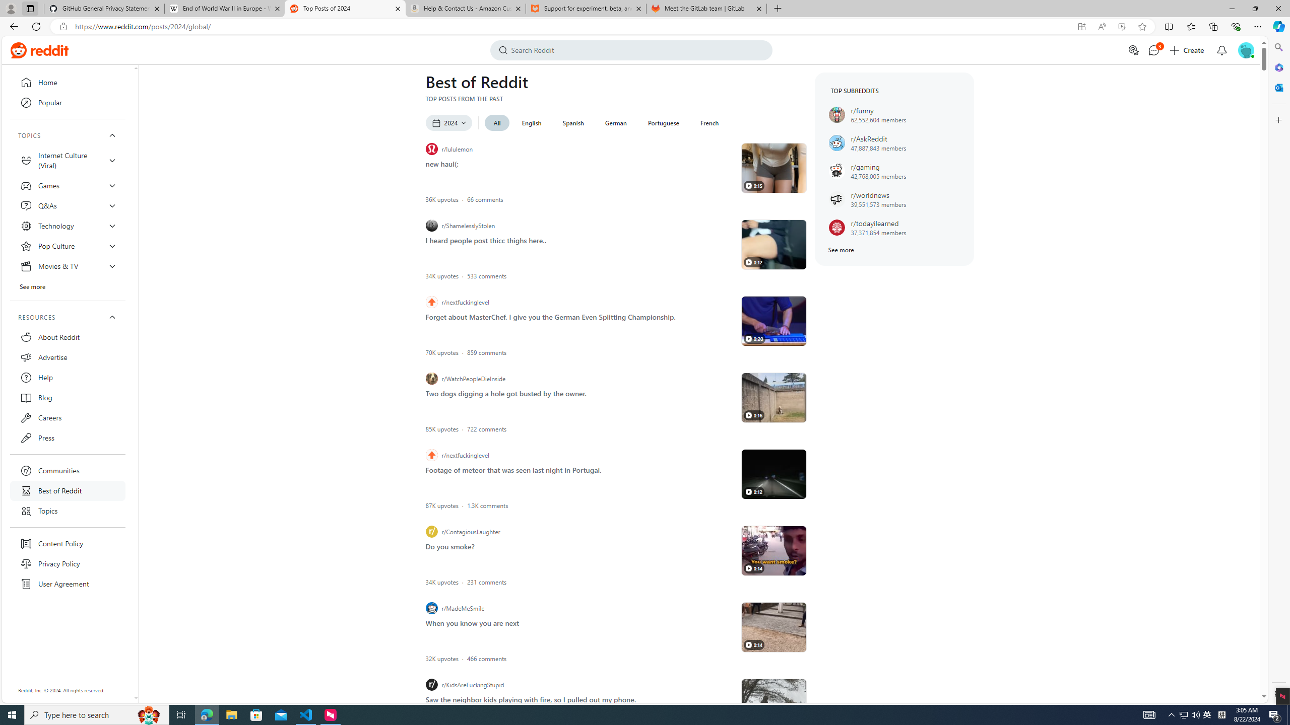 Image resolution: width=1290 pixels, height=725 pixels. What do you see at coordinates (68, 511) in the screenshot?
I see `'Topics'` at bounding box center [68, 511].